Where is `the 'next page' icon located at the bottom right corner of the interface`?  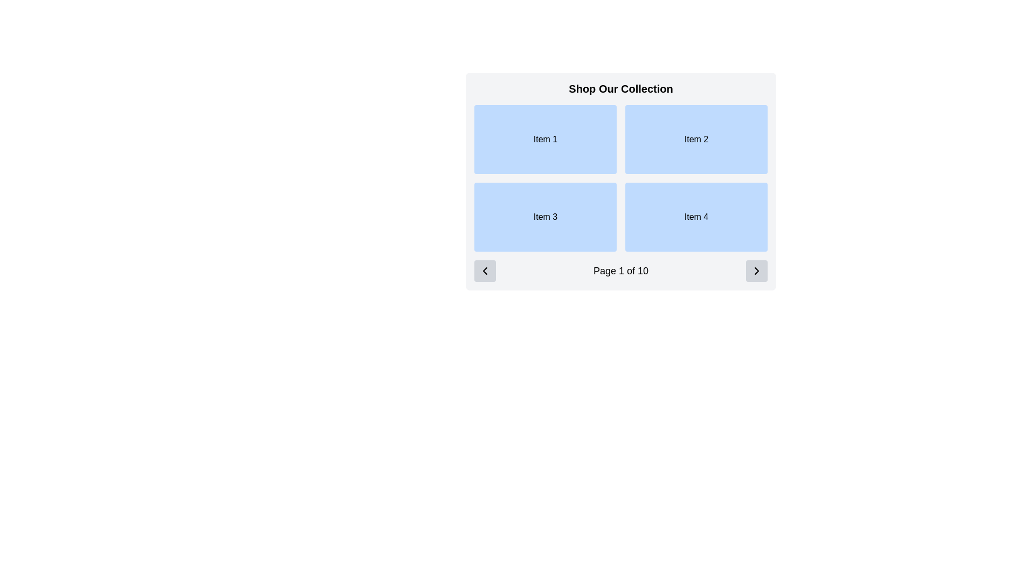
the 'next page' icon located at the bottom right corner of the interface is located at coordinates (756, 270).